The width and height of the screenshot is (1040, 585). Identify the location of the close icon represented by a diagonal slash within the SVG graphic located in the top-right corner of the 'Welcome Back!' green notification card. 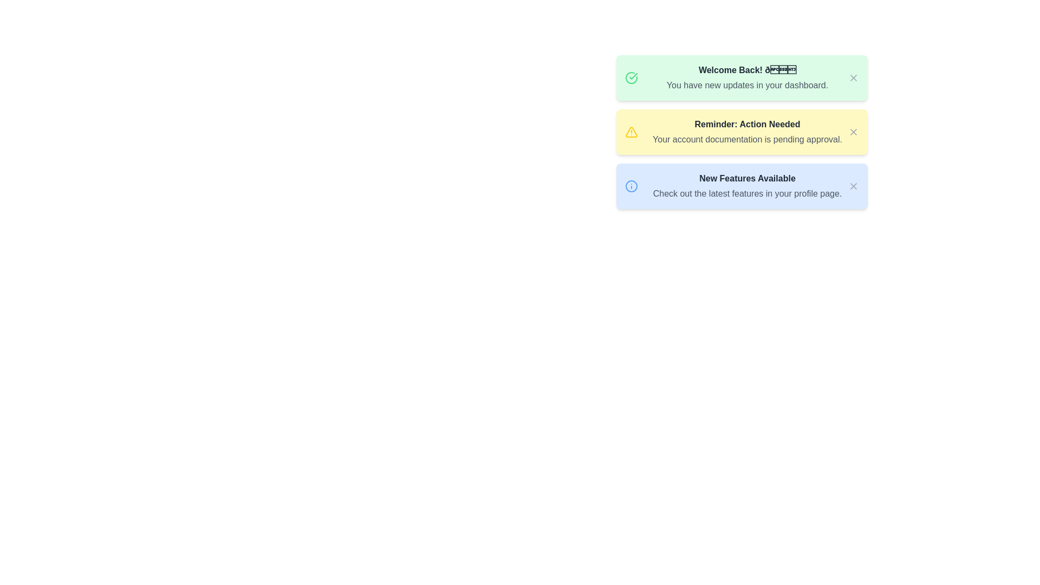
(853, 77).